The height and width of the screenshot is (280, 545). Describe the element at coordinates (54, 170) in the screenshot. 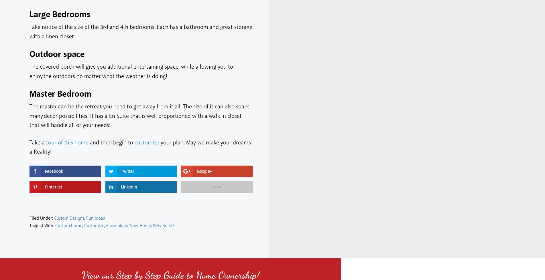

I see `'Facebook'` at that location.